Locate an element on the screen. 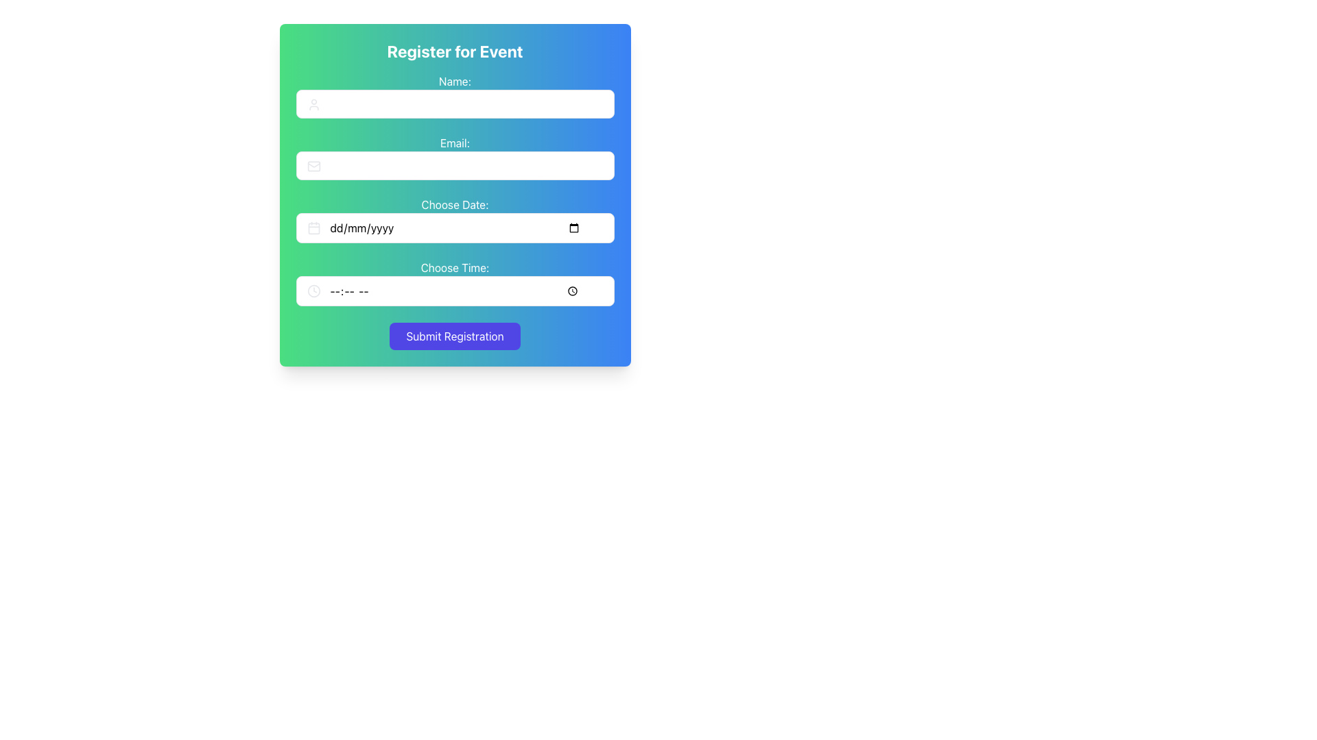 This screenshot has height=740, width=1317. text label displaying 'Email:' which is located in the email input field below 'Register for Event' is located at coordinates (455, 143).